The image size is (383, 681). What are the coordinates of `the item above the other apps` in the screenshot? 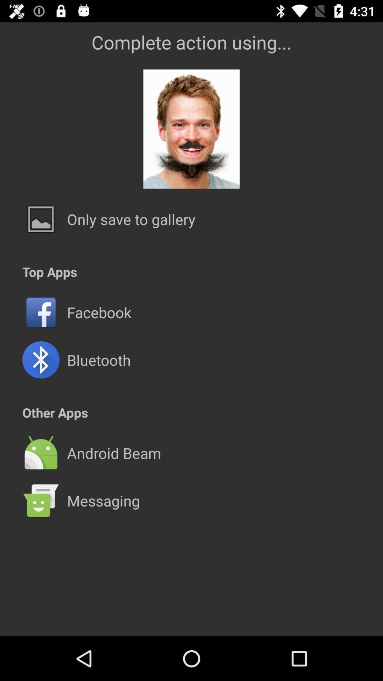 It's located at (99, 360).